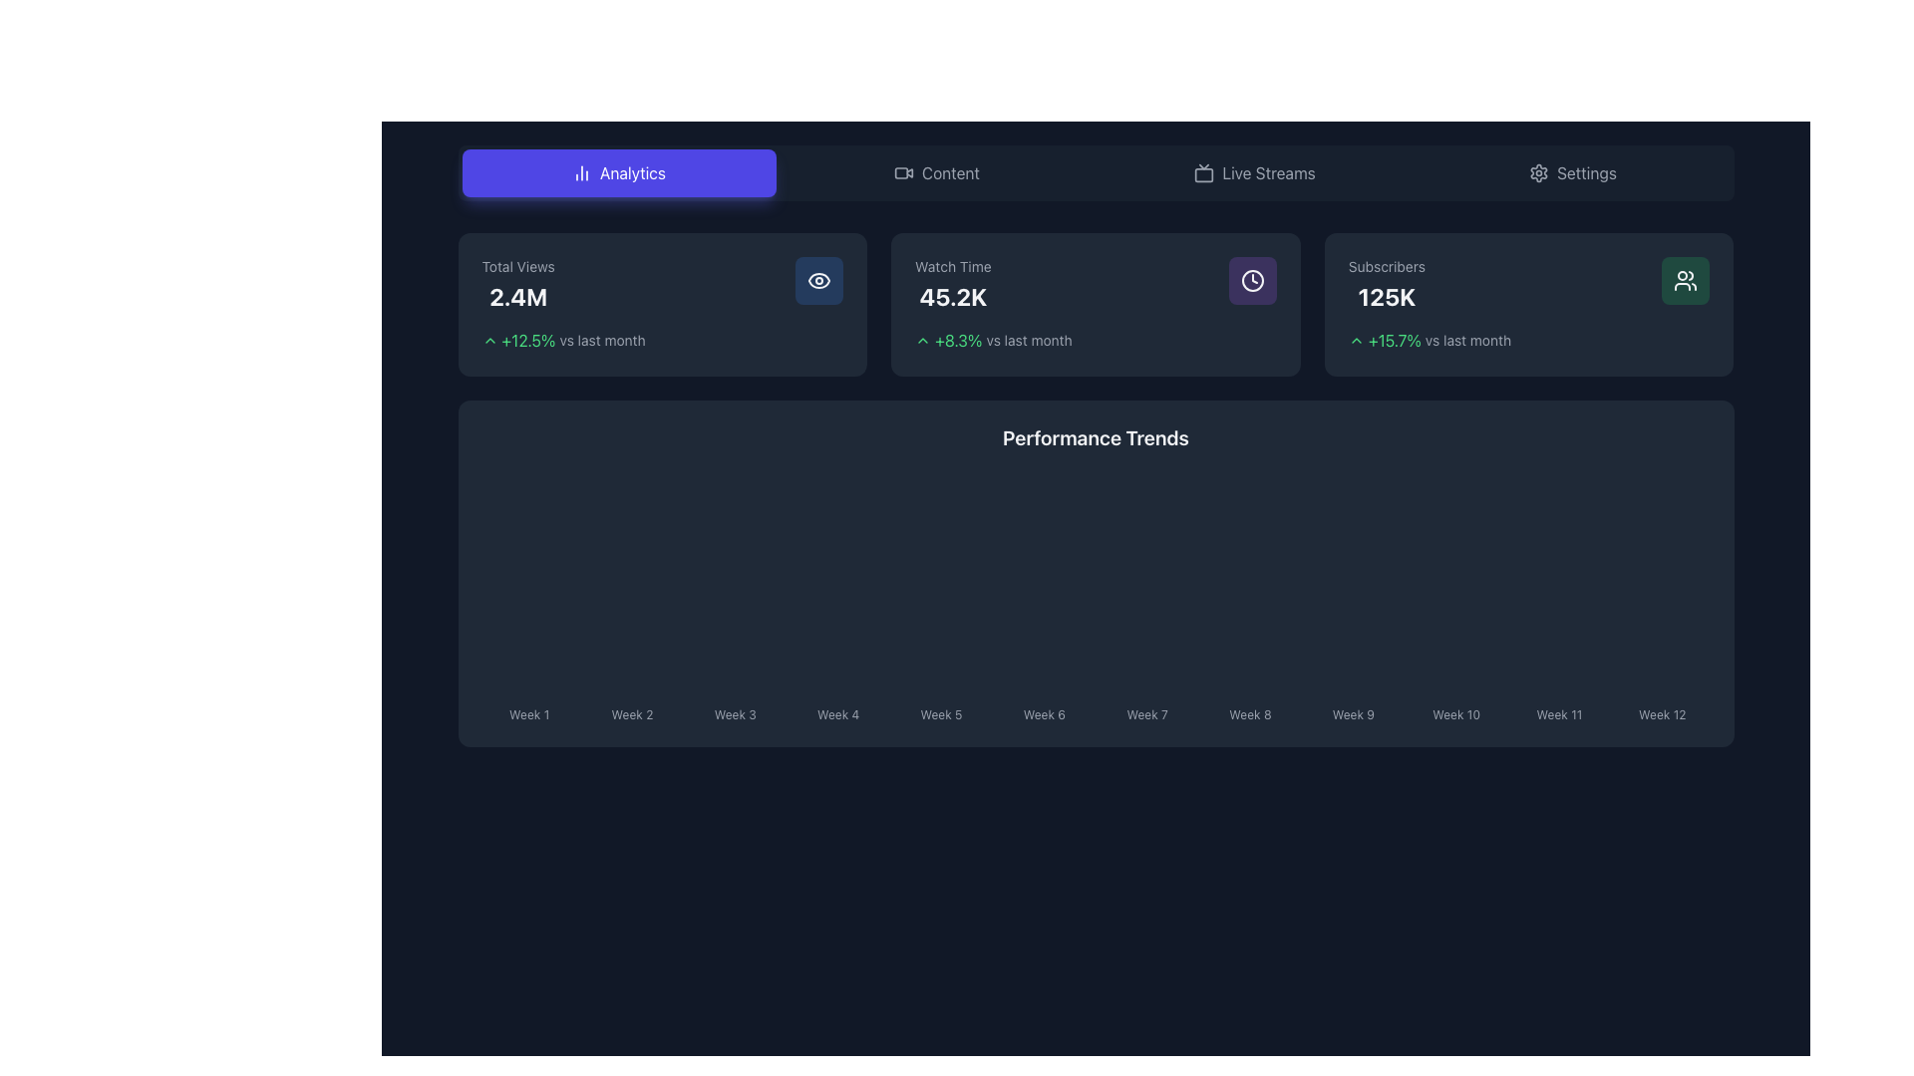  I want to click on the text label displaying 'Week 6', which is muted gray and changes to white on hover, located beneath the 'Performance Trends' label, so click(1043, 709).